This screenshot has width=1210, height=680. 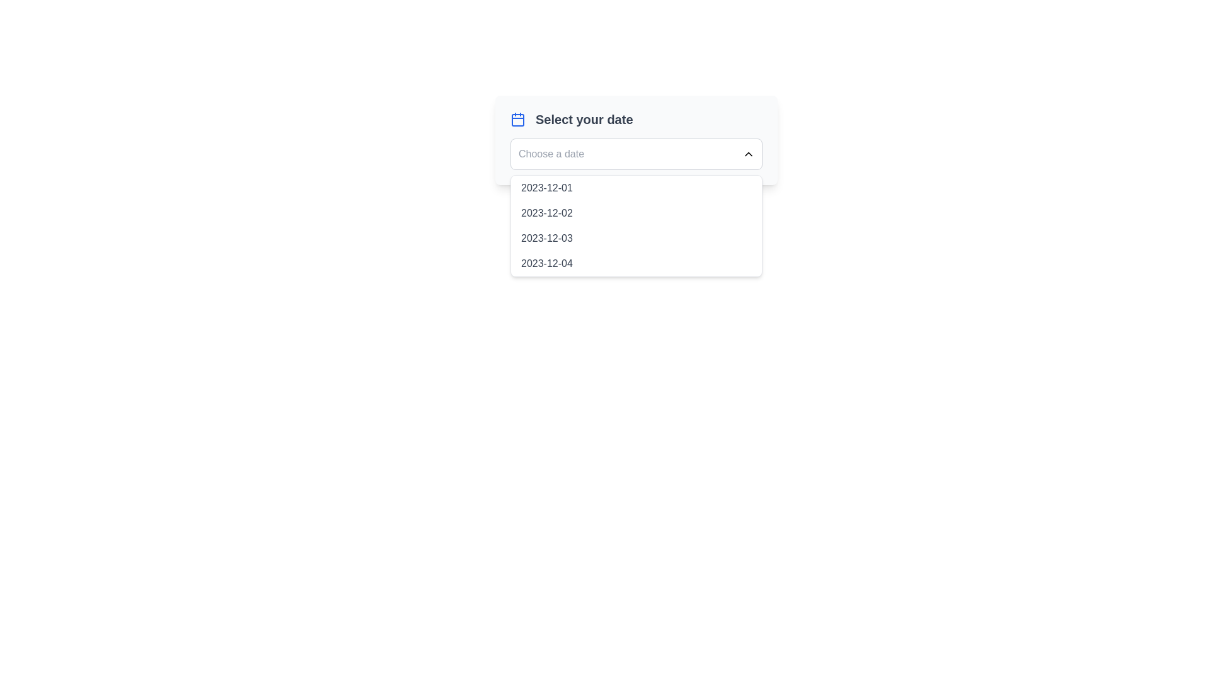 What do you see at coordinates (636, 263) in the screenshot?
I see `the dropdown menu item displaying the date '2023-12-04'` at bounding box center [636, 263].